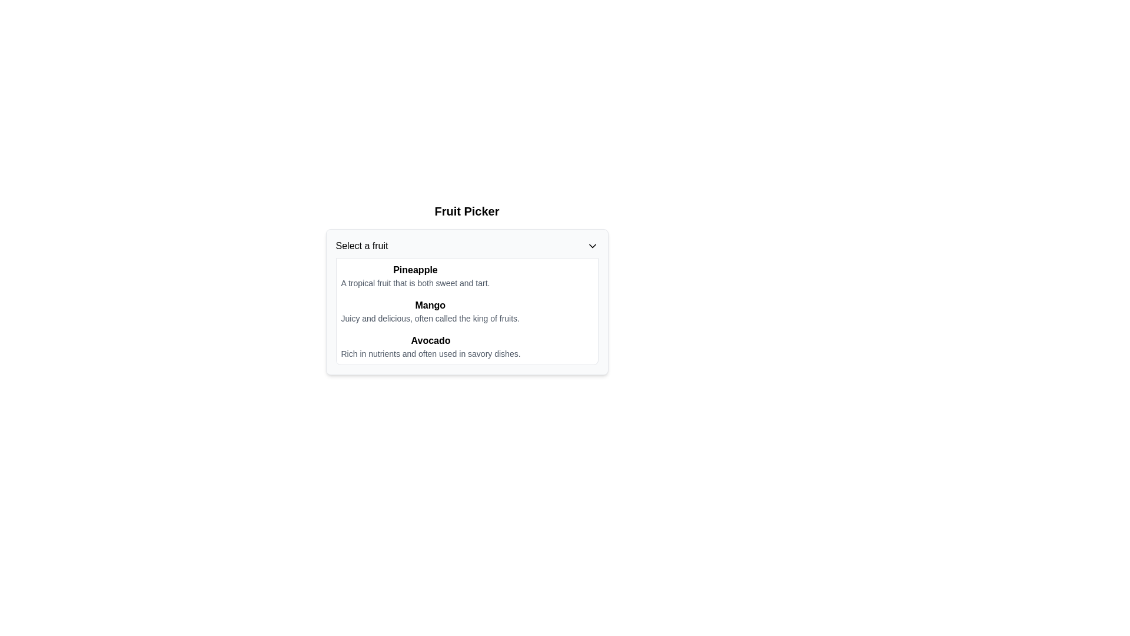  I want to click on an option from the dropdown menu located under the 'Fruit Picker' heading, which has a light gray background and rounded borders, so click(466, 302).